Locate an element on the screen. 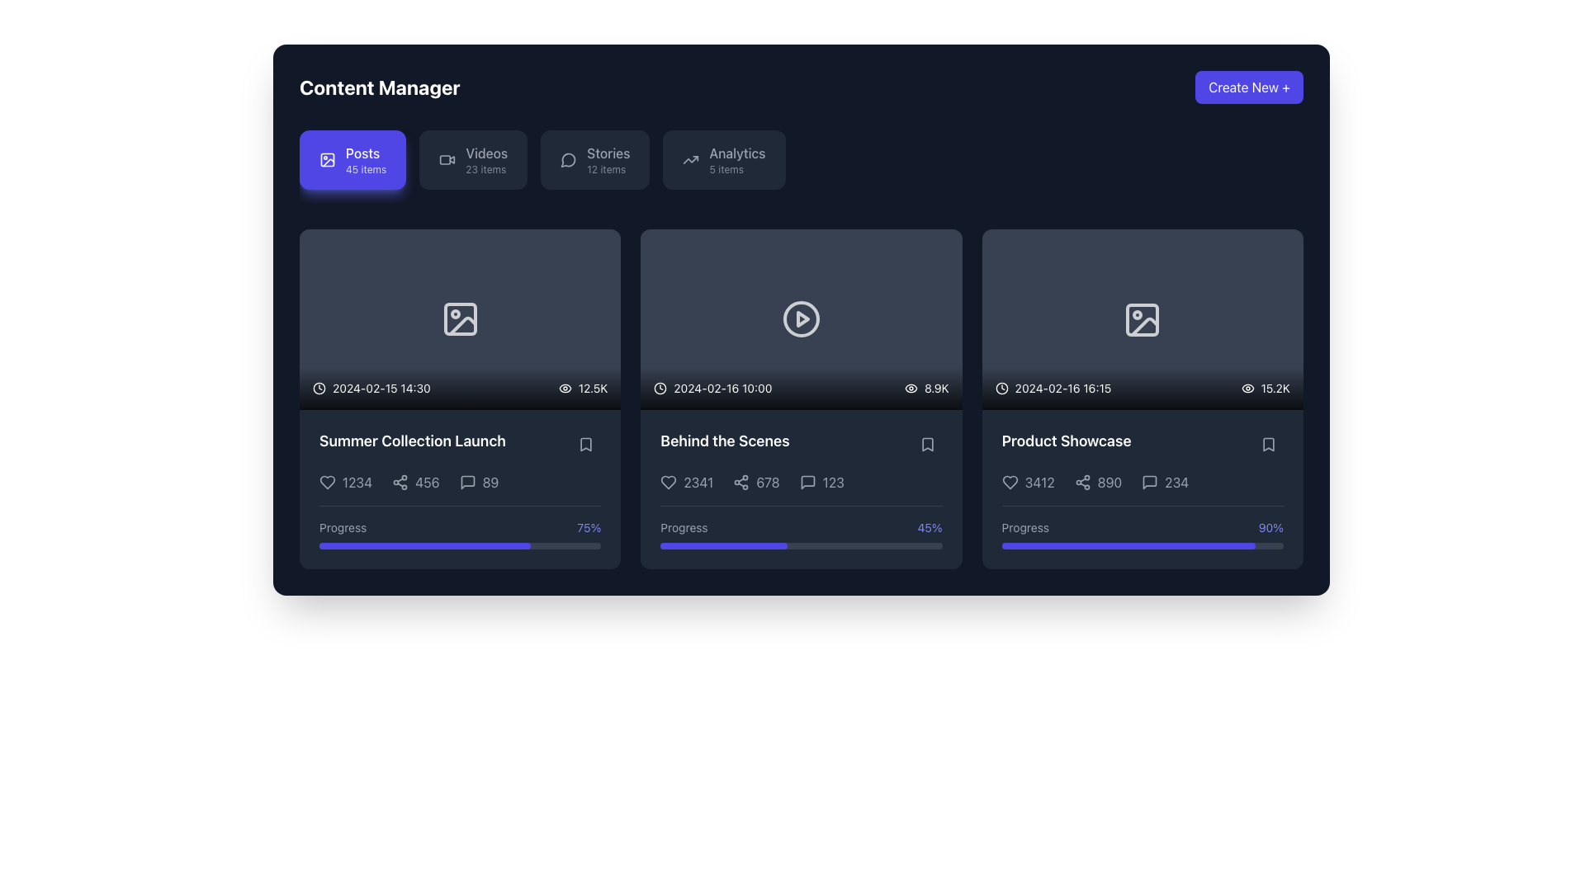  the informational footer bar located at the bottom of the middle card in the grid layout of the content manager interface is located at coordinates (801, 388).